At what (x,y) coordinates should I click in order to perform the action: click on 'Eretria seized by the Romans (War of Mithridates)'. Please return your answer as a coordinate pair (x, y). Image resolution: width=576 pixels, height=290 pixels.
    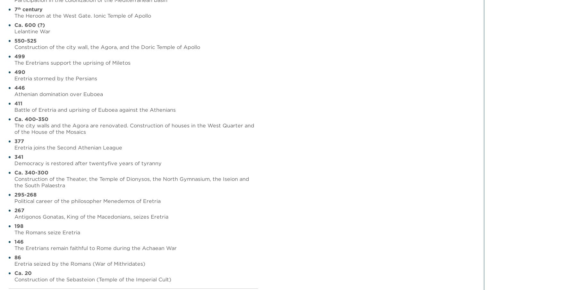
    Looking at the image, I should click on (80, 263).